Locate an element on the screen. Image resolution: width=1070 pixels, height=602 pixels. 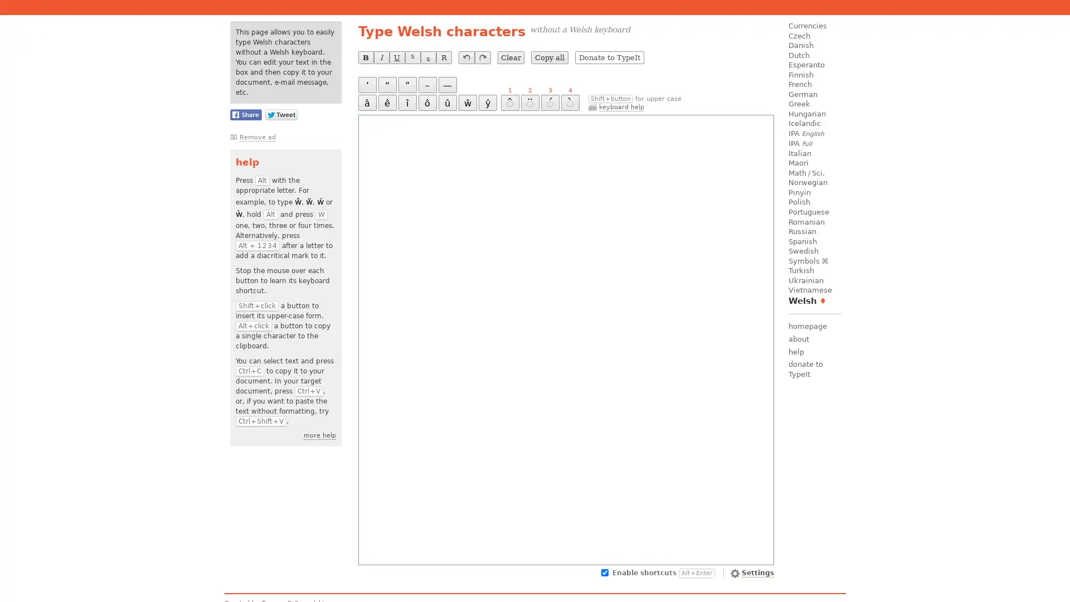
3 is located at coordinates (549, 103).